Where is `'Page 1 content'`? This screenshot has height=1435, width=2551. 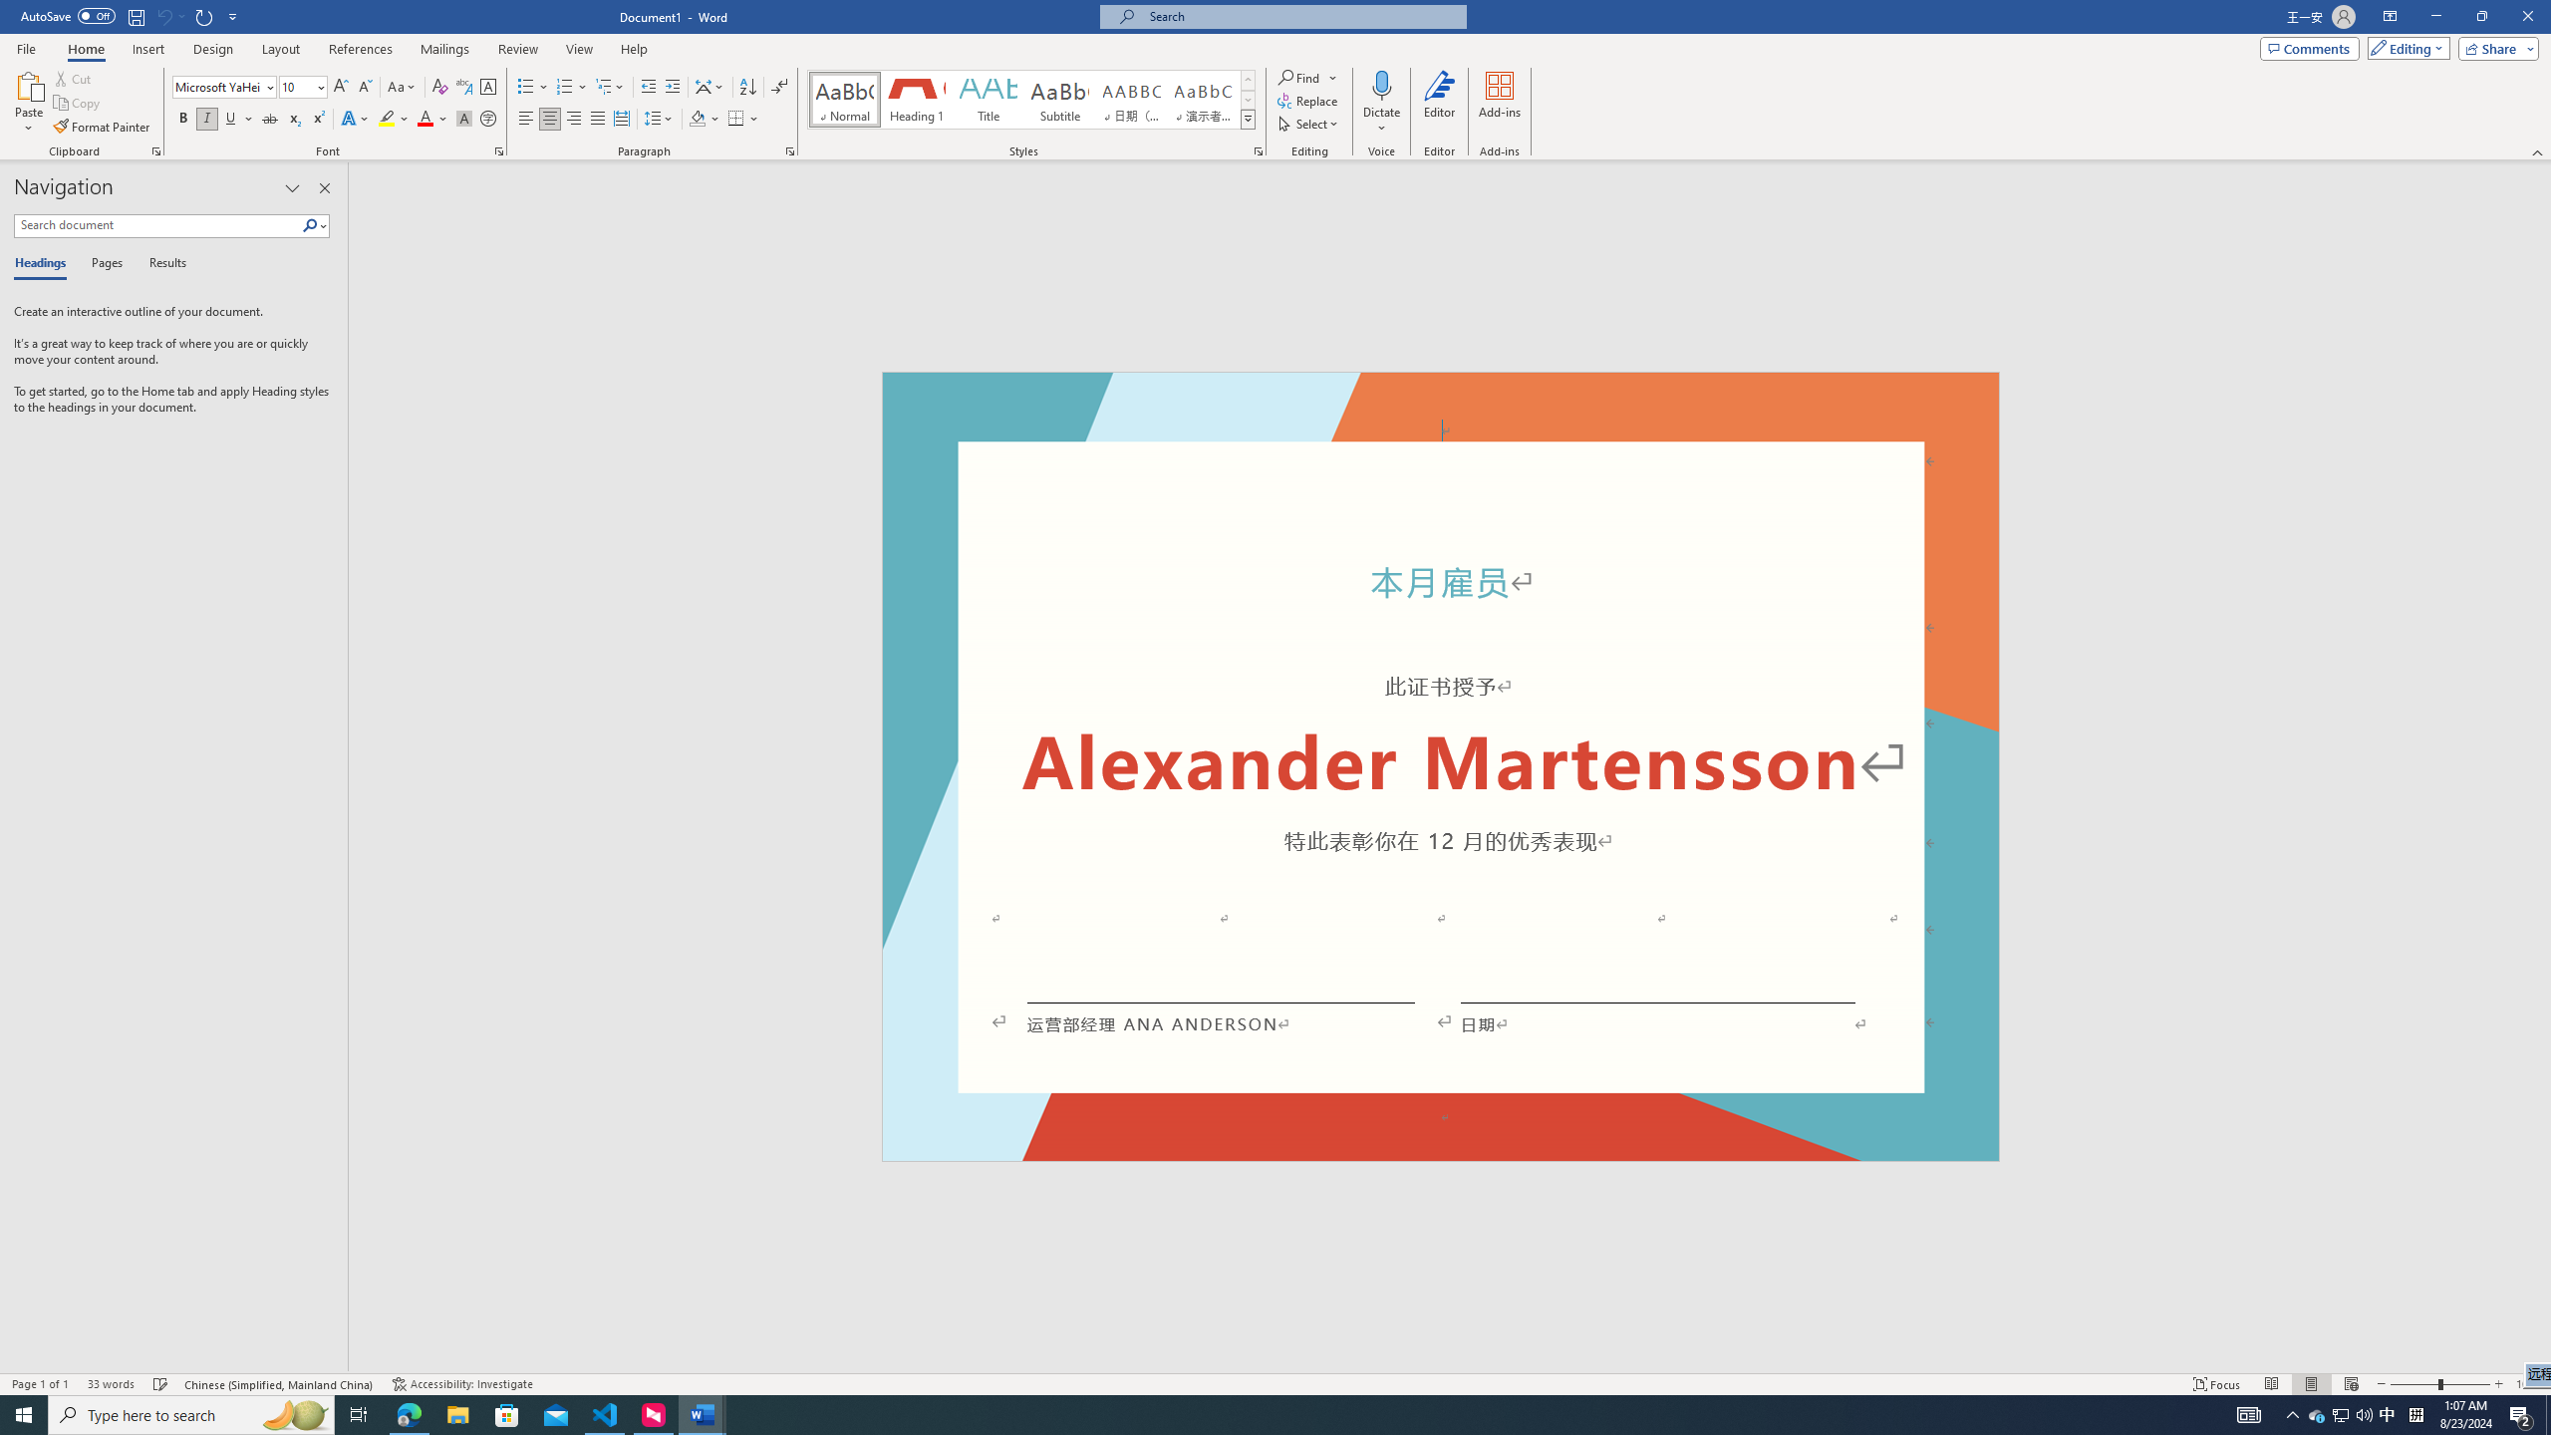
'Page 1 content' is located at coordinates (1441, 781).